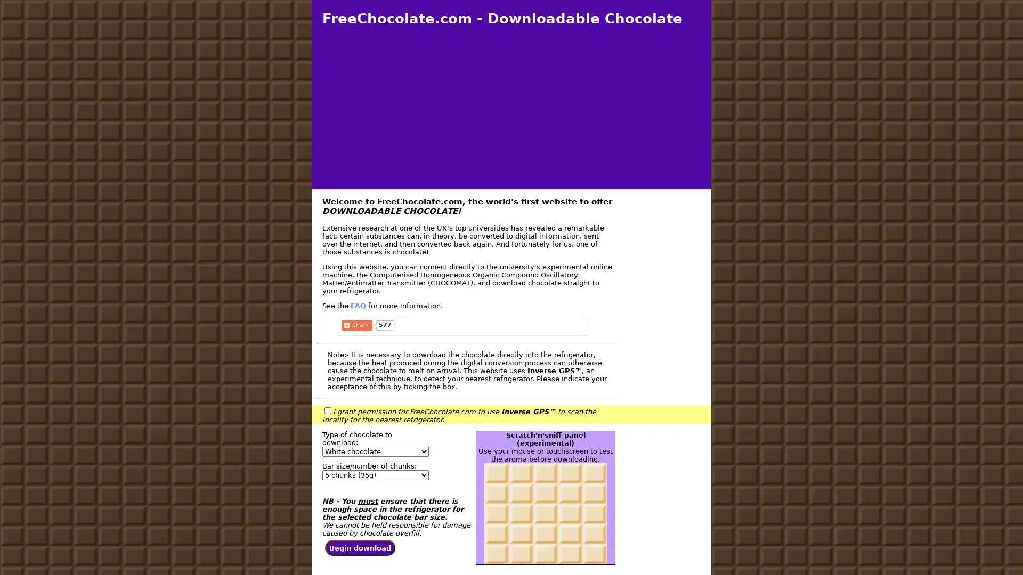  I want to click on Begin download, so click(360, 549).